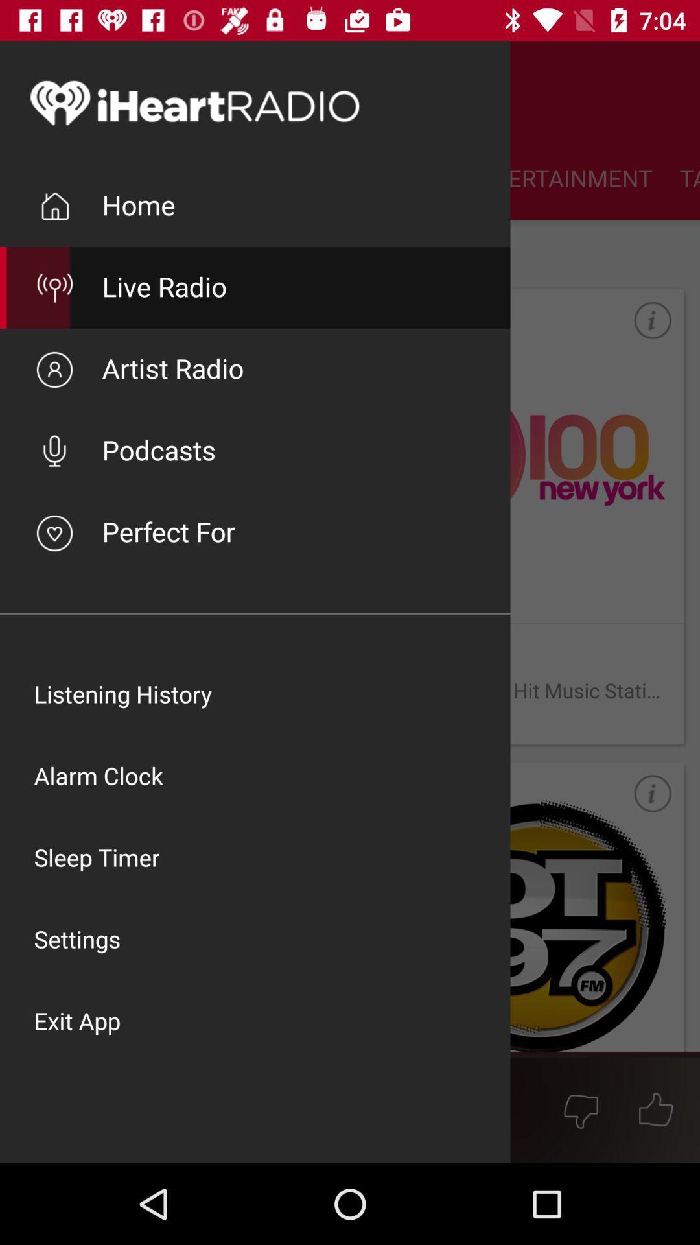  I want to click on the thumbs_down icon, so click(580, 1109).